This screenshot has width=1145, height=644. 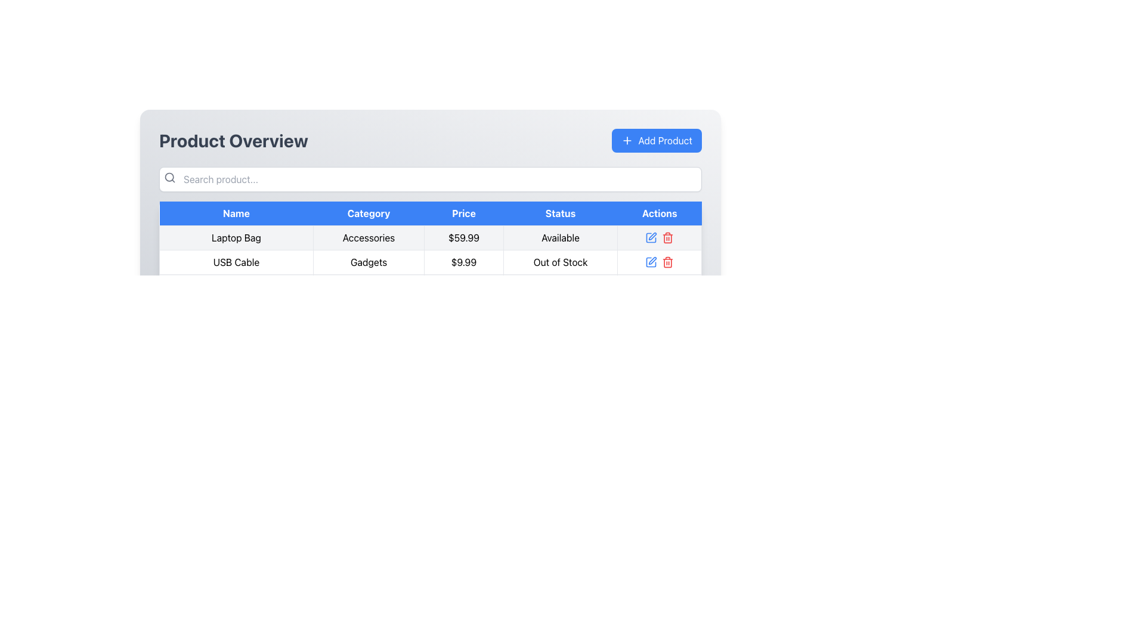 I want to click on the button that allows users to add a new product to the list, located to the far right of the 'Product Overview' header, so click(x=656, y=140).